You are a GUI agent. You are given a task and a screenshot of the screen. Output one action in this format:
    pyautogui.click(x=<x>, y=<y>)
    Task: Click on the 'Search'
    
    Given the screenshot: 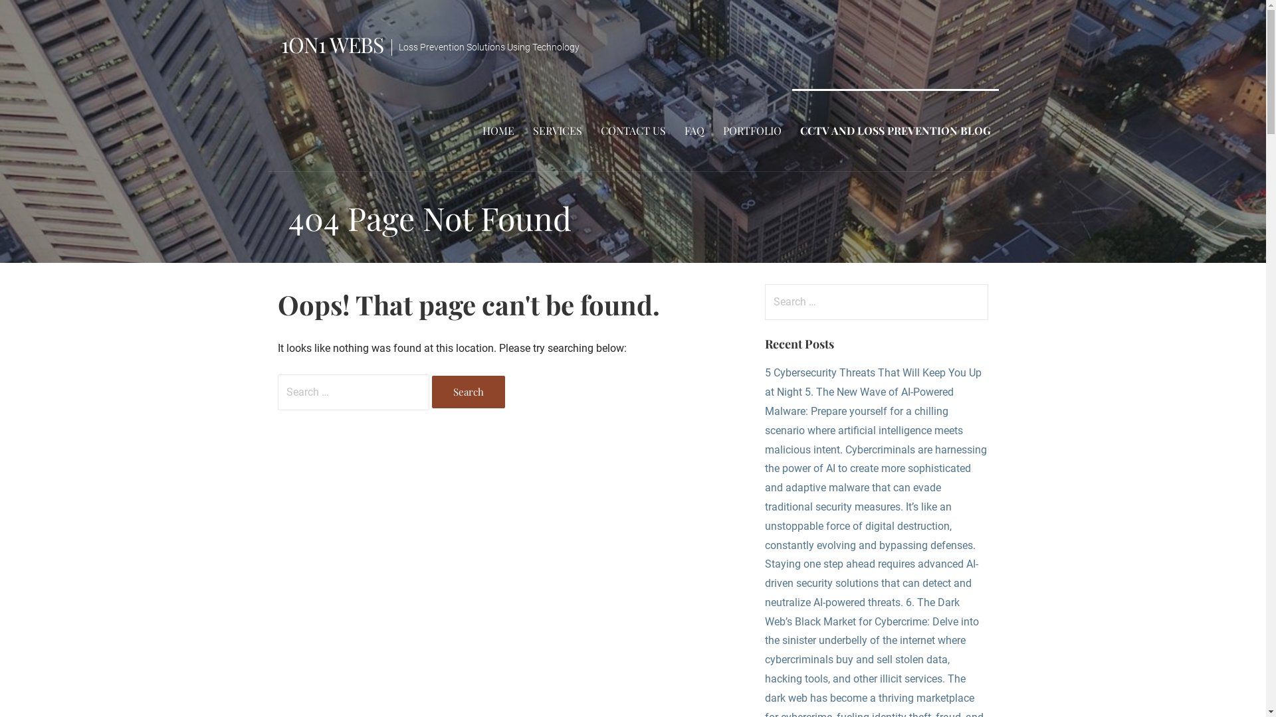 What is the action you would take?
    pyautogui.click(x=469, y=391)
    